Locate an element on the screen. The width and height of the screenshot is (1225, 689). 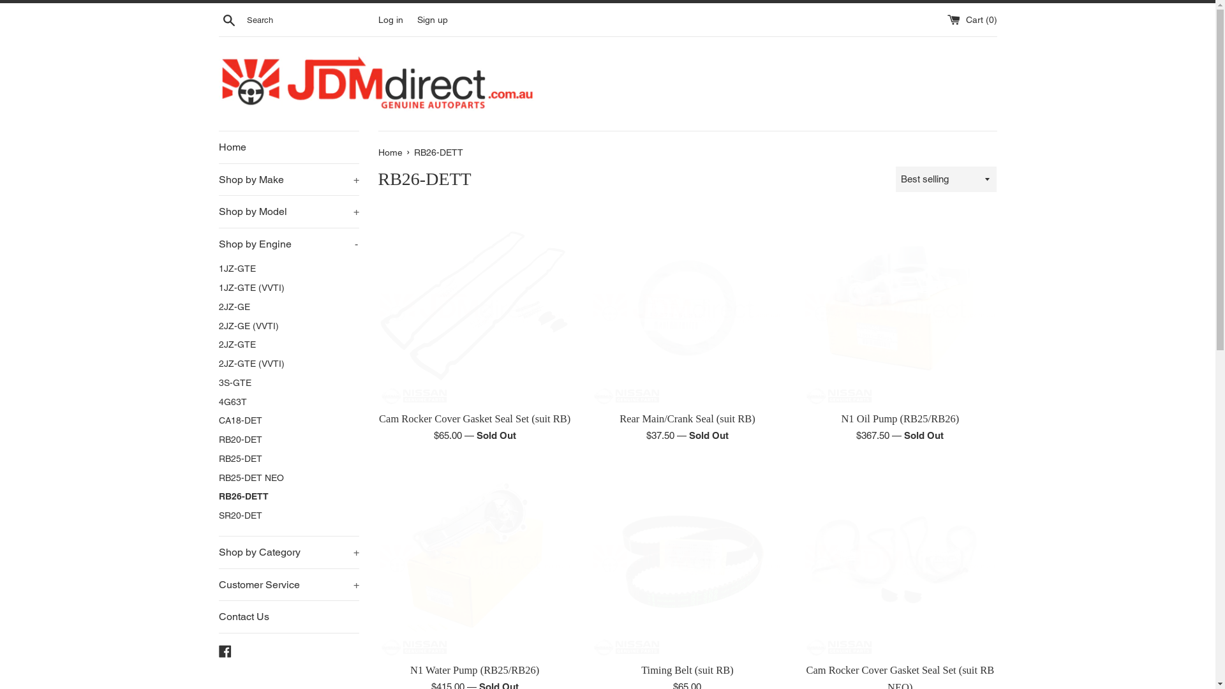
'RB26-DETT' is located at coordinates (287, 496).